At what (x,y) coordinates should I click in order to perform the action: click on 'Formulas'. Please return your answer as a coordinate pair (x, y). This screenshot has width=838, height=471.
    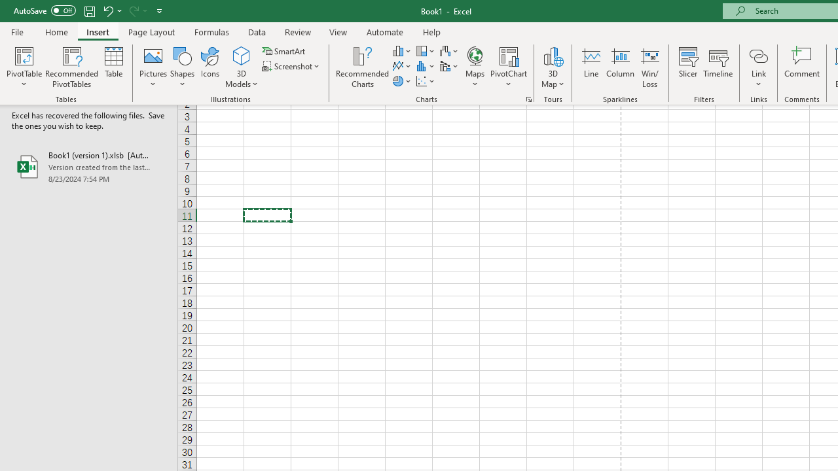
    Looking at the image, I should click on (211, 31).